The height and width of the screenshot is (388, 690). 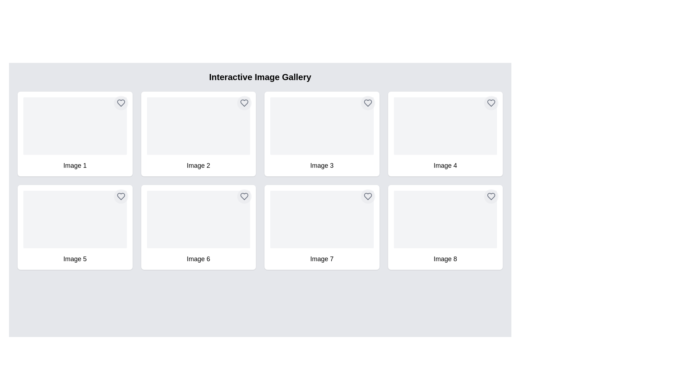 What do you see at coordinates (321, 259) in the screenshot?
I see `the text label located under the image placeholder in the seventh position of the gallery grid, within the third row and first column for copying` at bounding box center [321, 259].